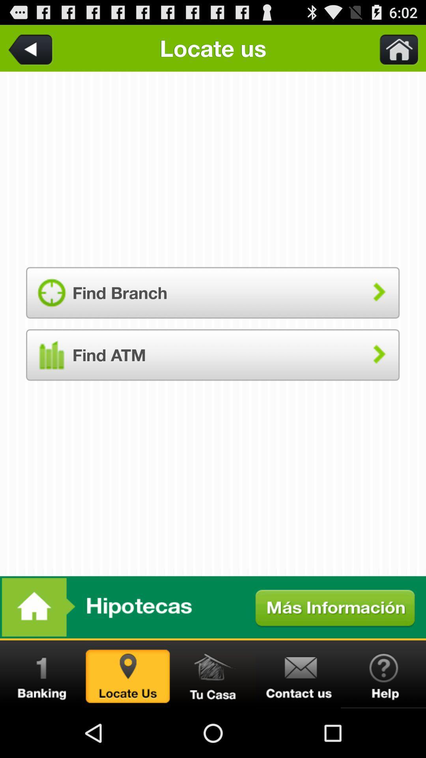 Image resolution: width=426 pixels, height=758 pixels. What do you see at coordinates (212, 355) in the screenshot?
I see `the button which is below find branch` at bounding box center [212, 355].